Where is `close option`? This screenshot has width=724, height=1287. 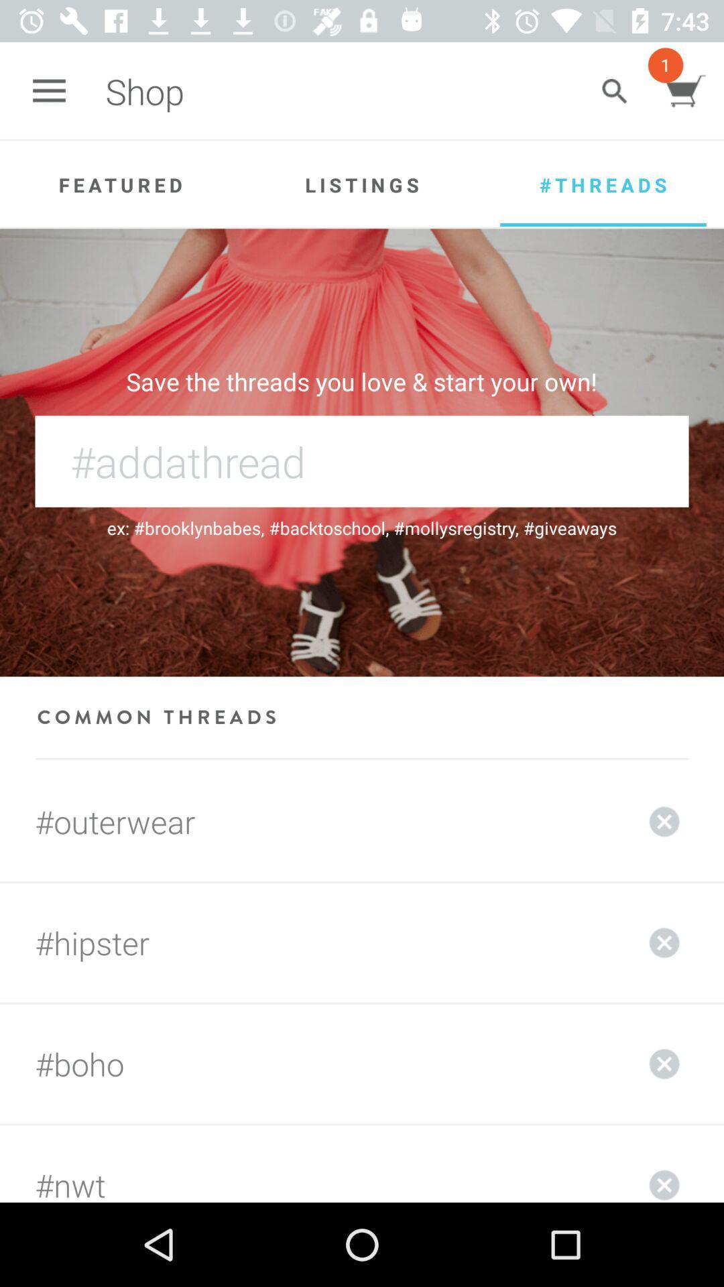 close option is located at coordinates (664, 1063).